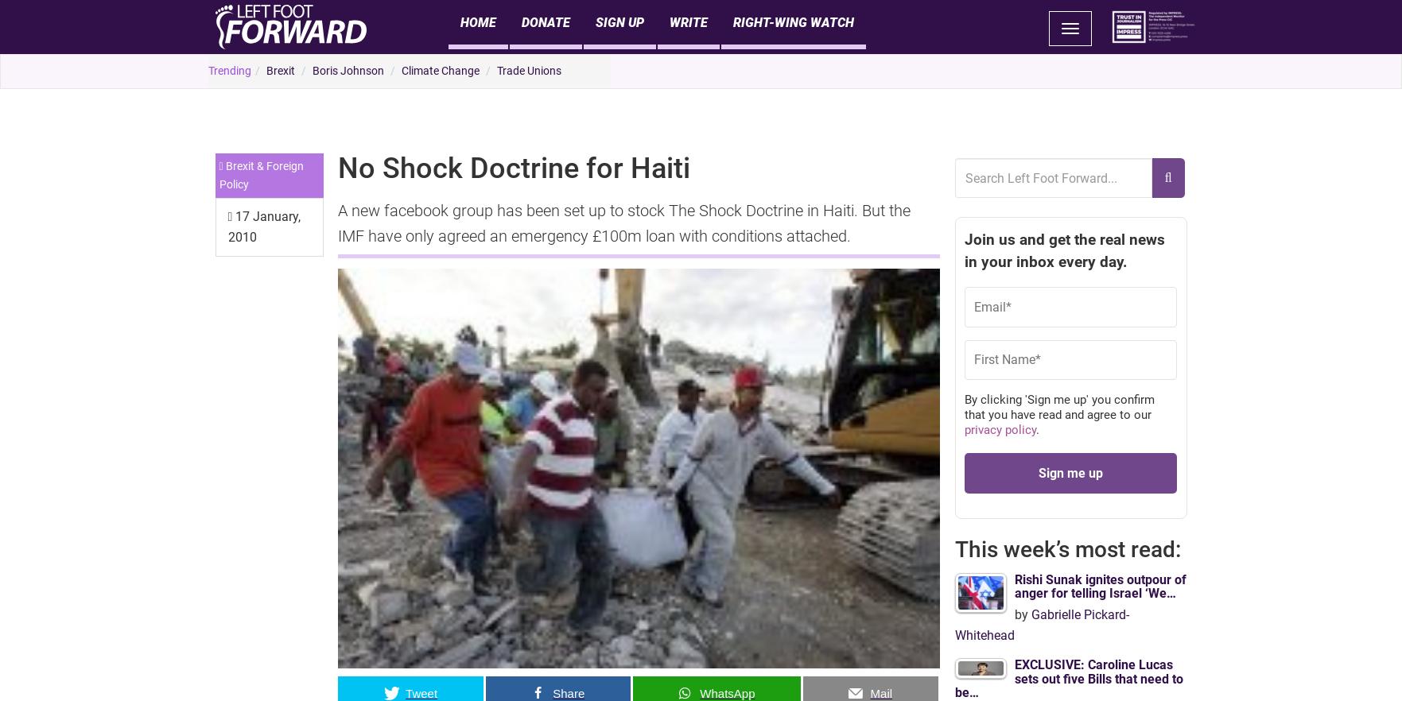  Describe the element at coordinates (1066, 548) in the screenshot. I see `'This week’s most read:'` at that location.